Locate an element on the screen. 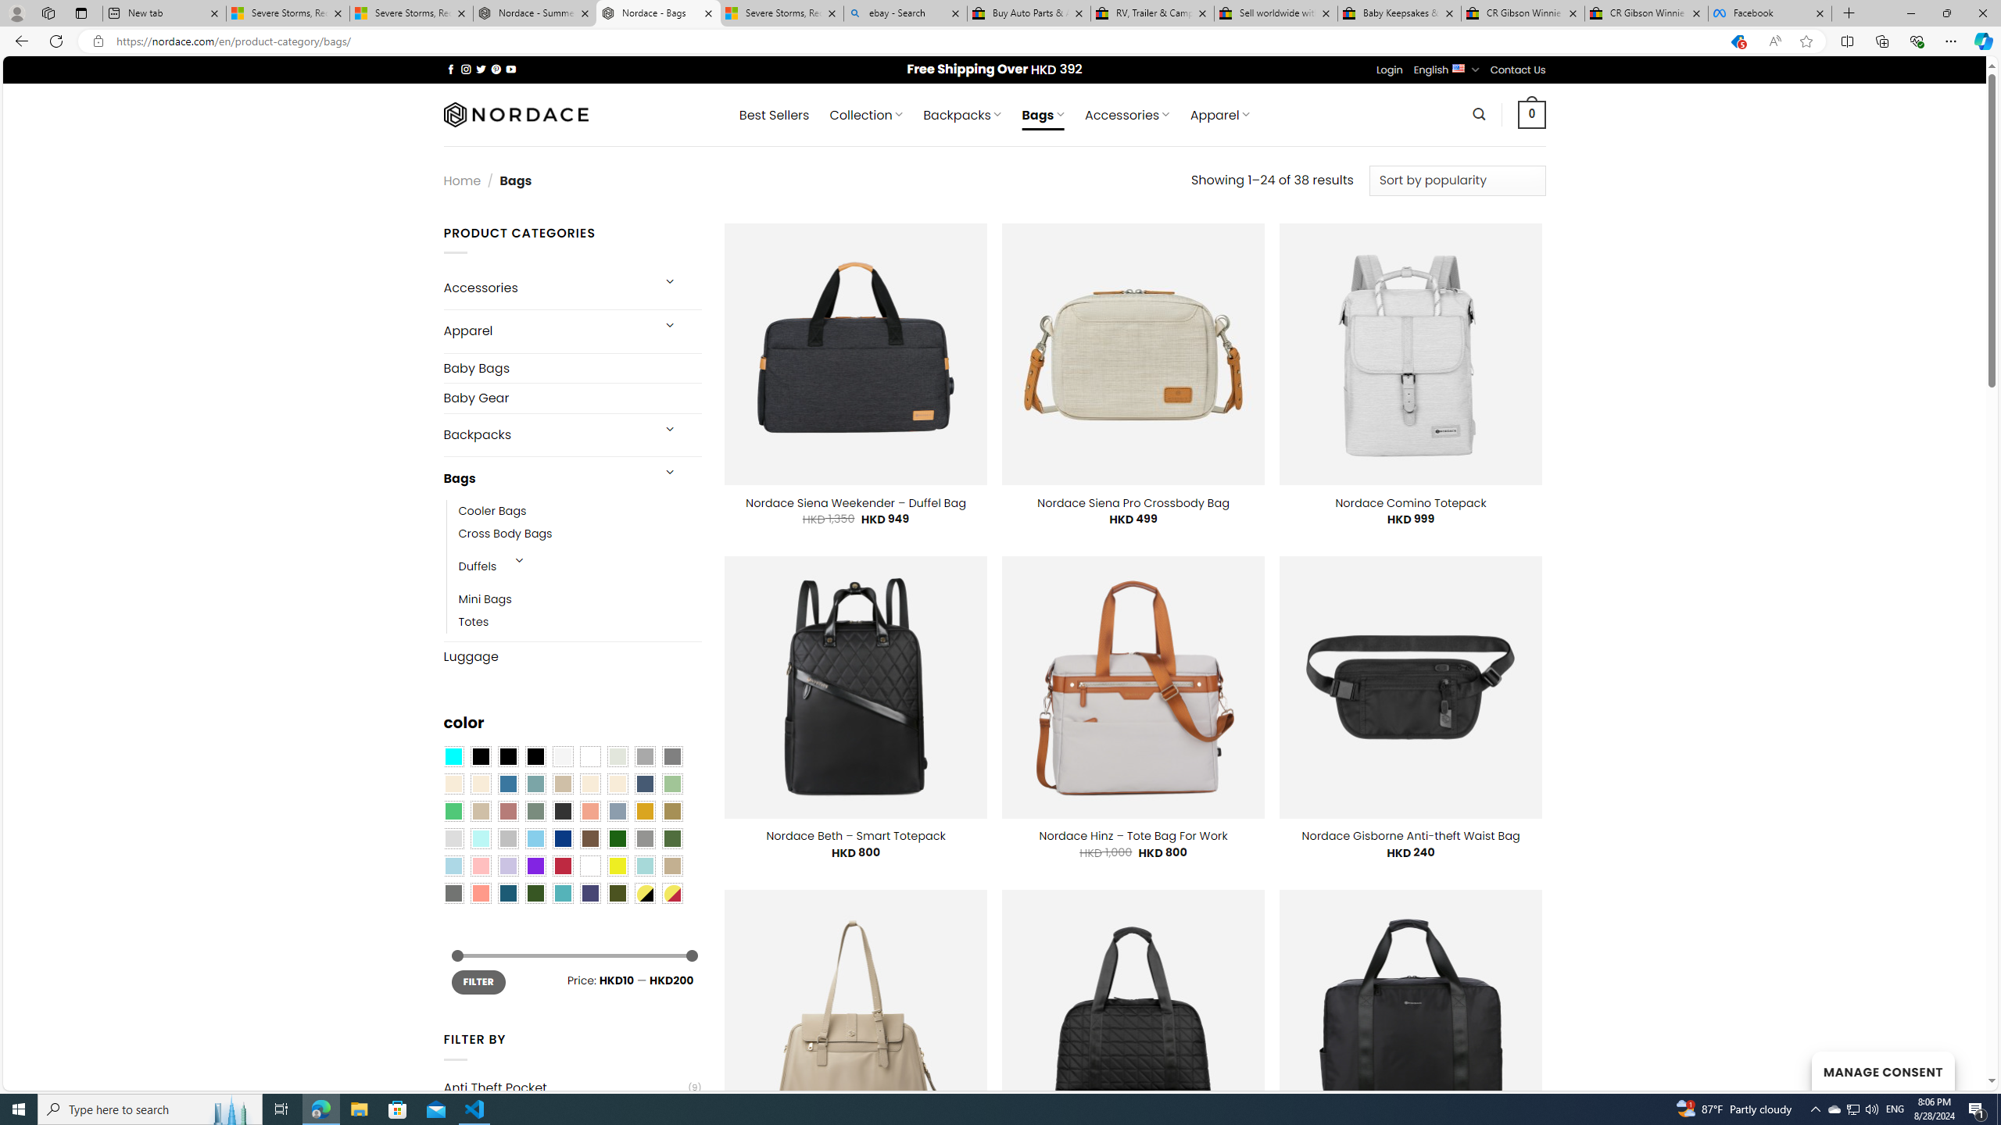 The height and width of the screenshot is (1125, 2001). 'Shop order' is located at coordinates (1456, 180).